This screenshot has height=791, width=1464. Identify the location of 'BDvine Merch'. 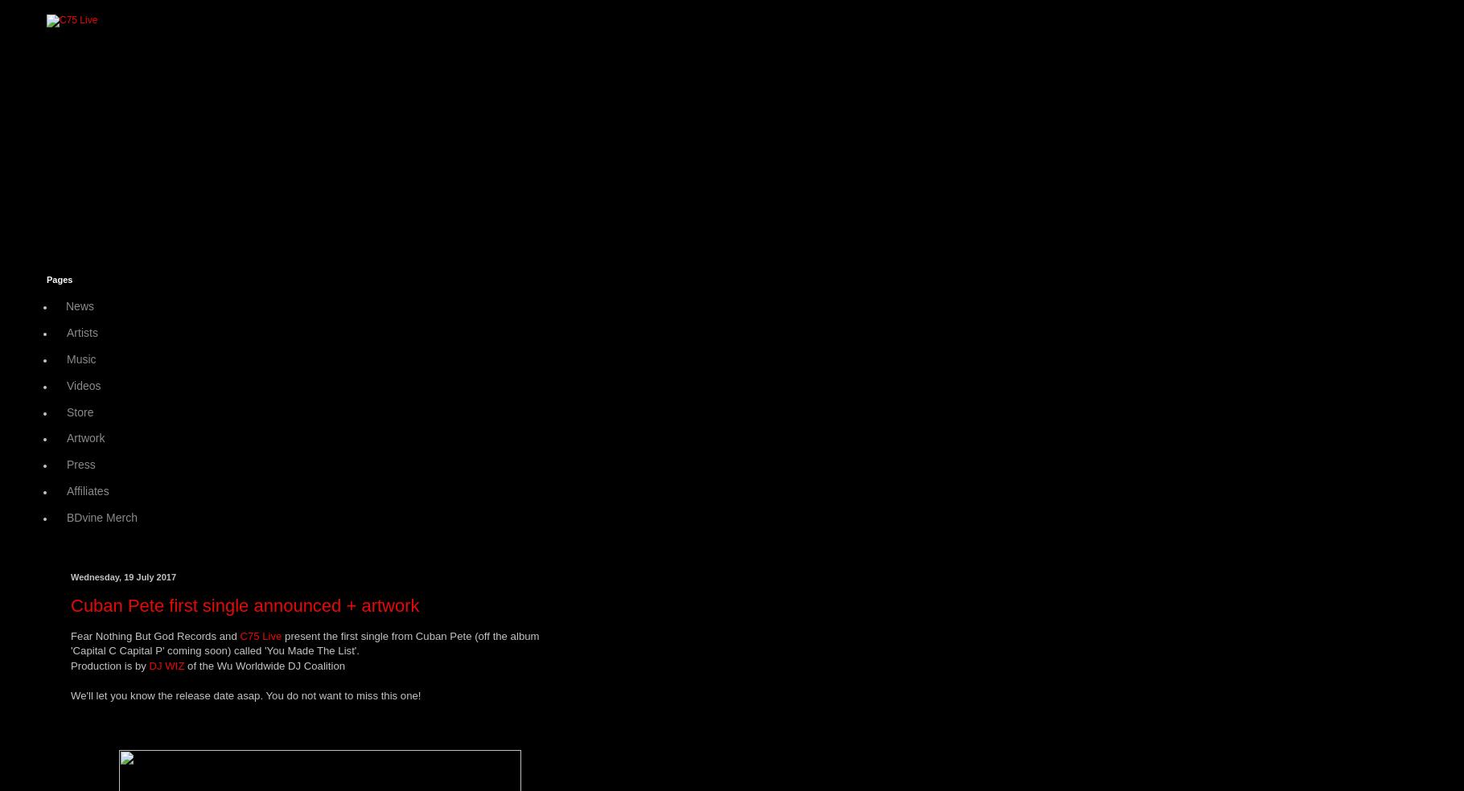
(101, 517).